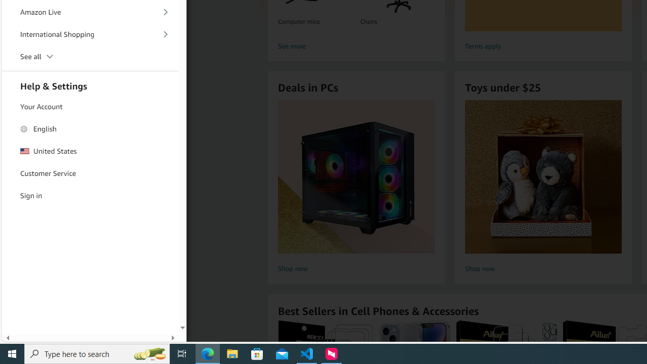  I want to click on 'Your Account', so click(90, 107).